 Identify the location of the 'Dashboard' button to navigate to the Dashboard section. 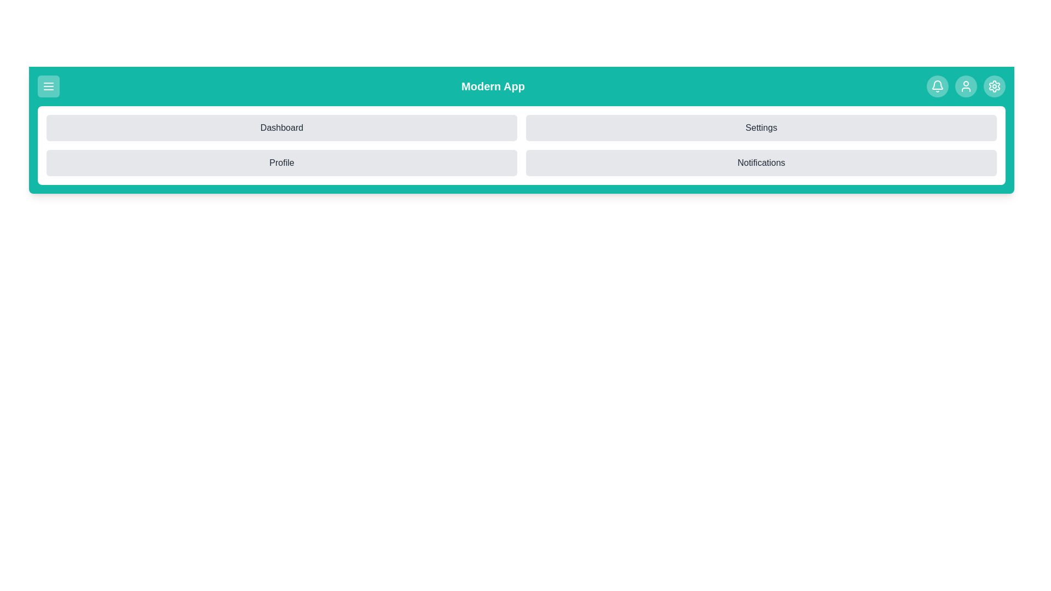
(281, 128).